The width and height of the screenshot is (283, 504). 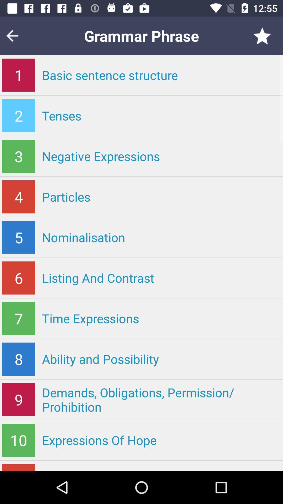 I want to click on the arrow_backward icon, so click(x=15, y=35).